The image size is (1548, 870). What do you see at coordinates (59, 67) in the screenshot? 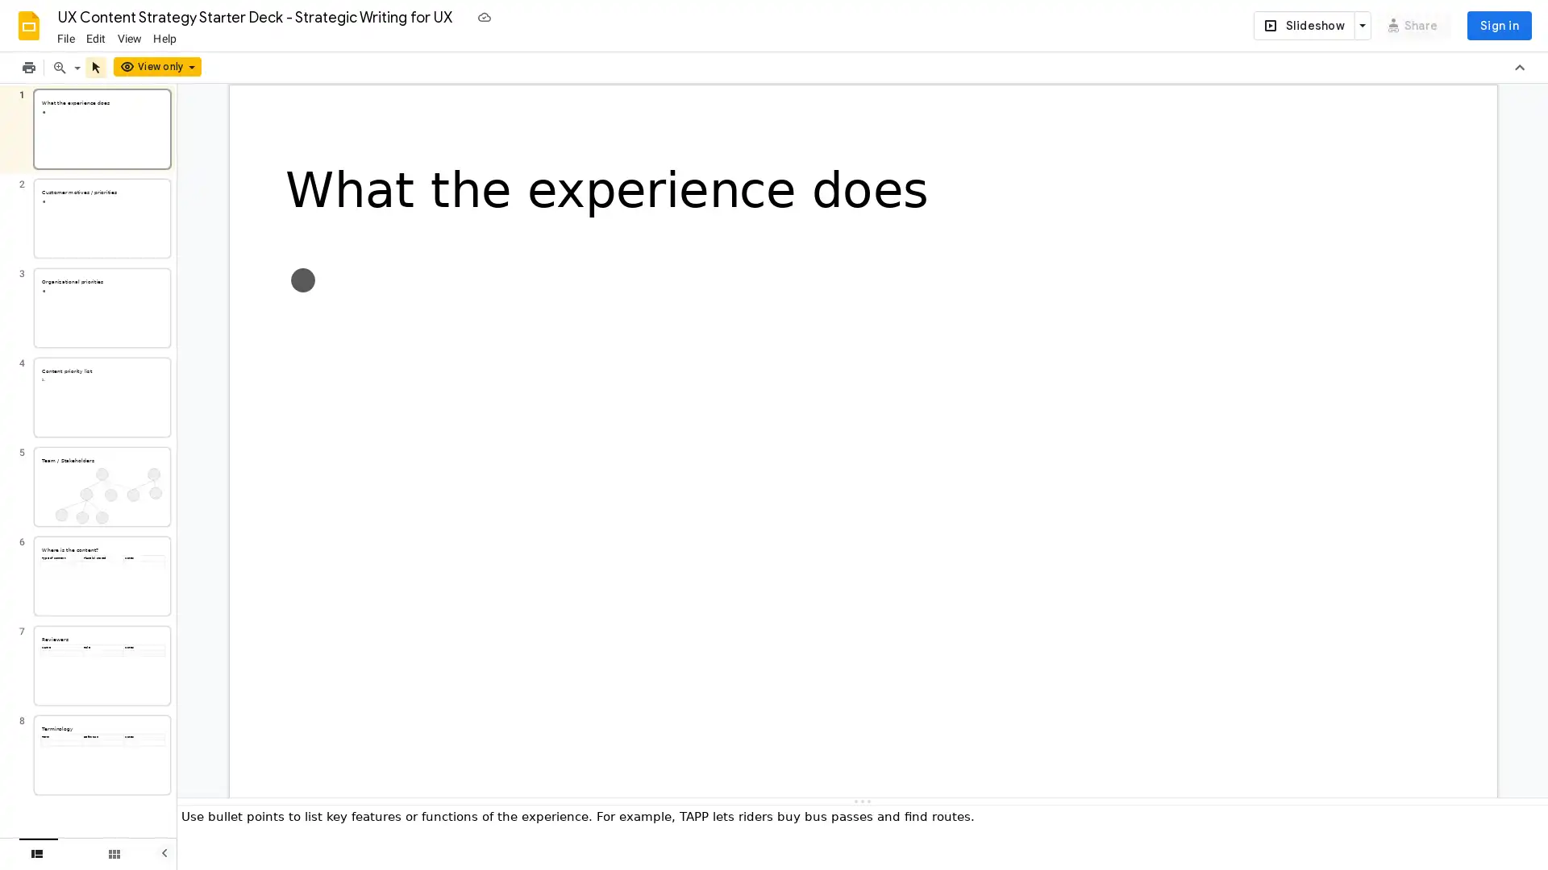
I see `Zoom` at bounding box center [59, 67].